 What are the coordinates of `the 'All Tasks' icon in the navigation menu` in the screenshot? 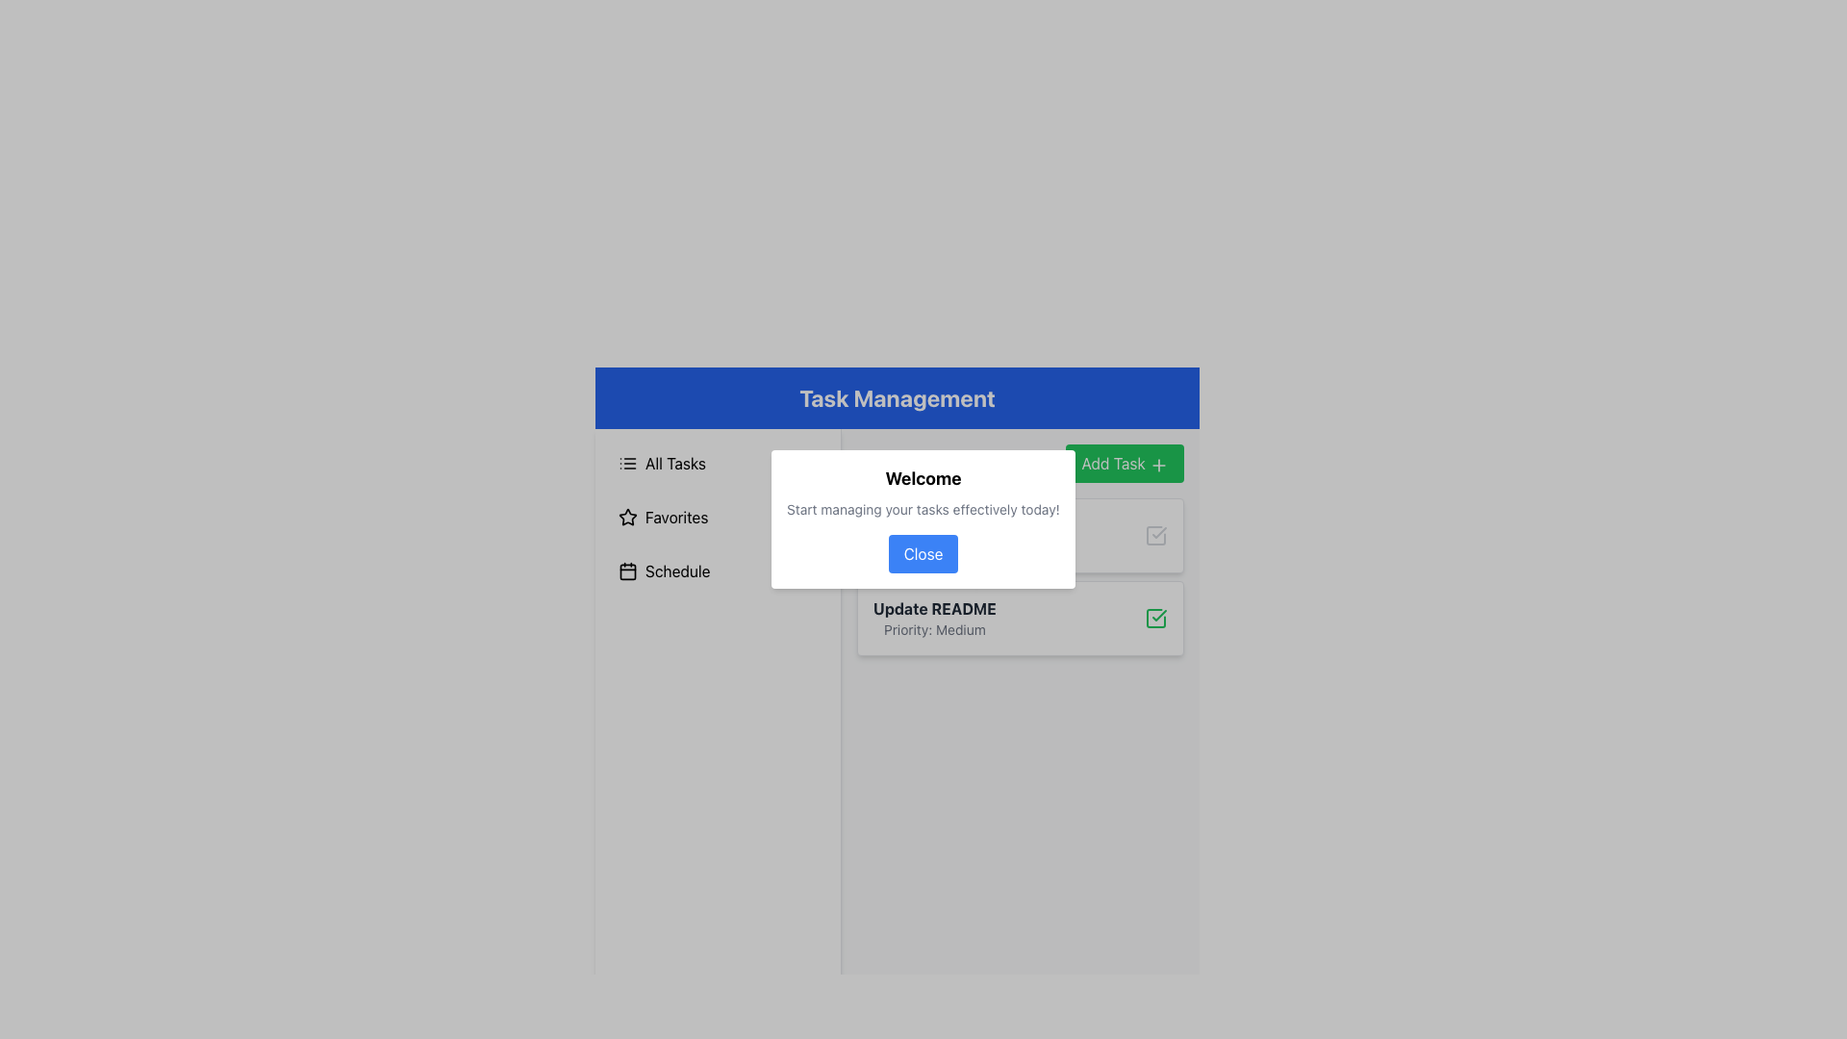 It's located at (627, 464).